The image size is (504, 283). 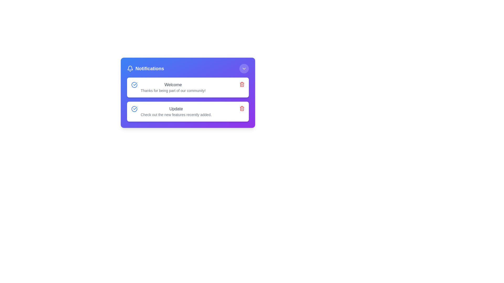 I want to click on the Text label that provides additional information or updates related to the 'Update' notification, located directly below the 'Update' label in the second notification entry of the notification panel, so click(x=176, y=115).